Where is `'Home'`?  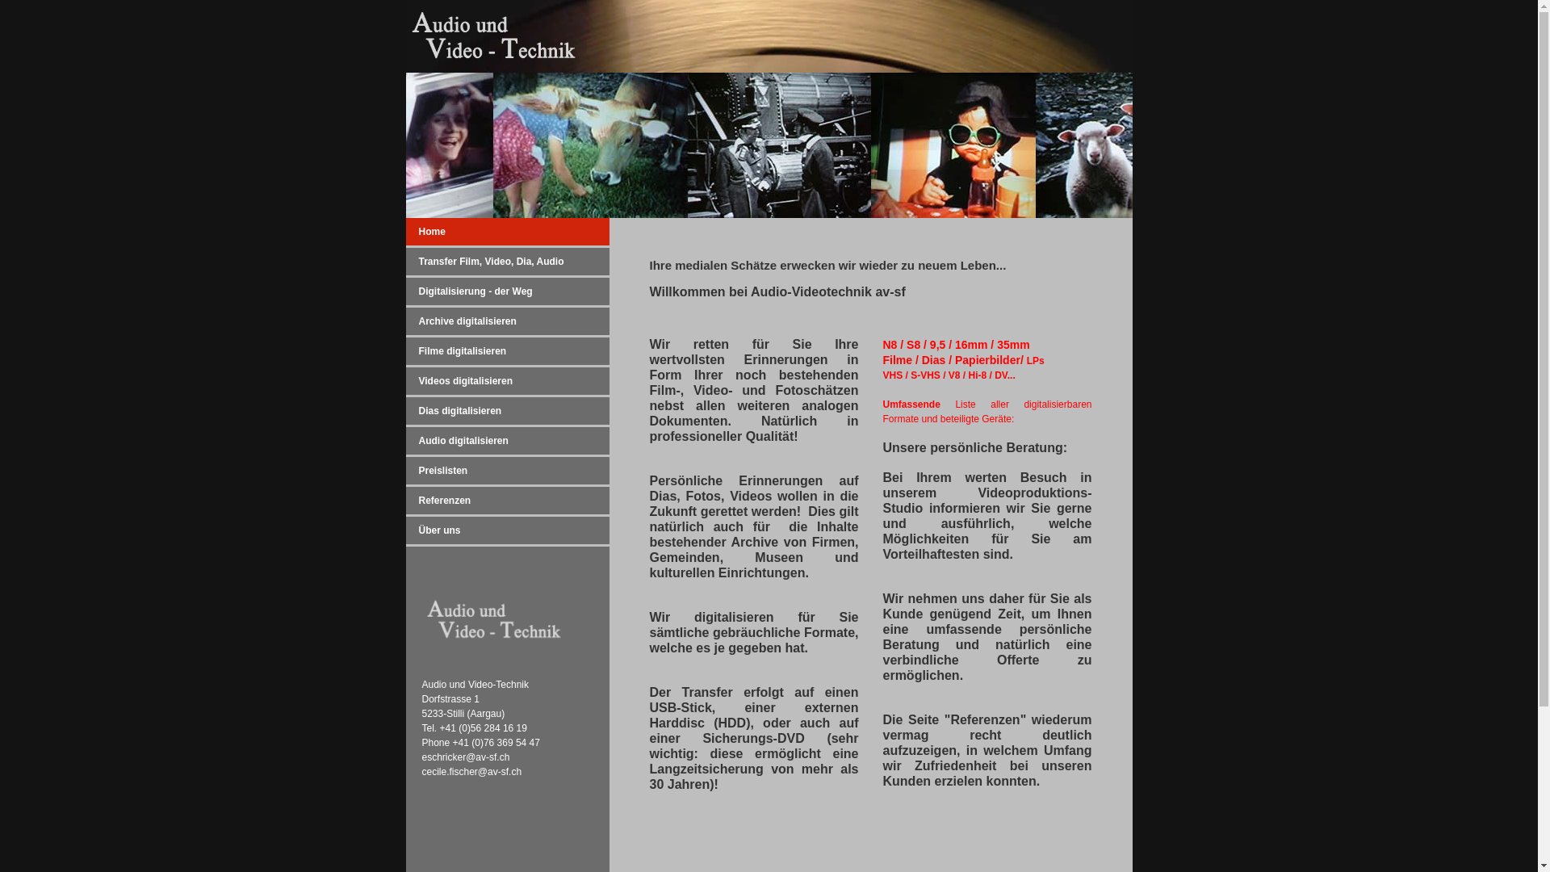
'Home' is located at coordinates (405, 231).